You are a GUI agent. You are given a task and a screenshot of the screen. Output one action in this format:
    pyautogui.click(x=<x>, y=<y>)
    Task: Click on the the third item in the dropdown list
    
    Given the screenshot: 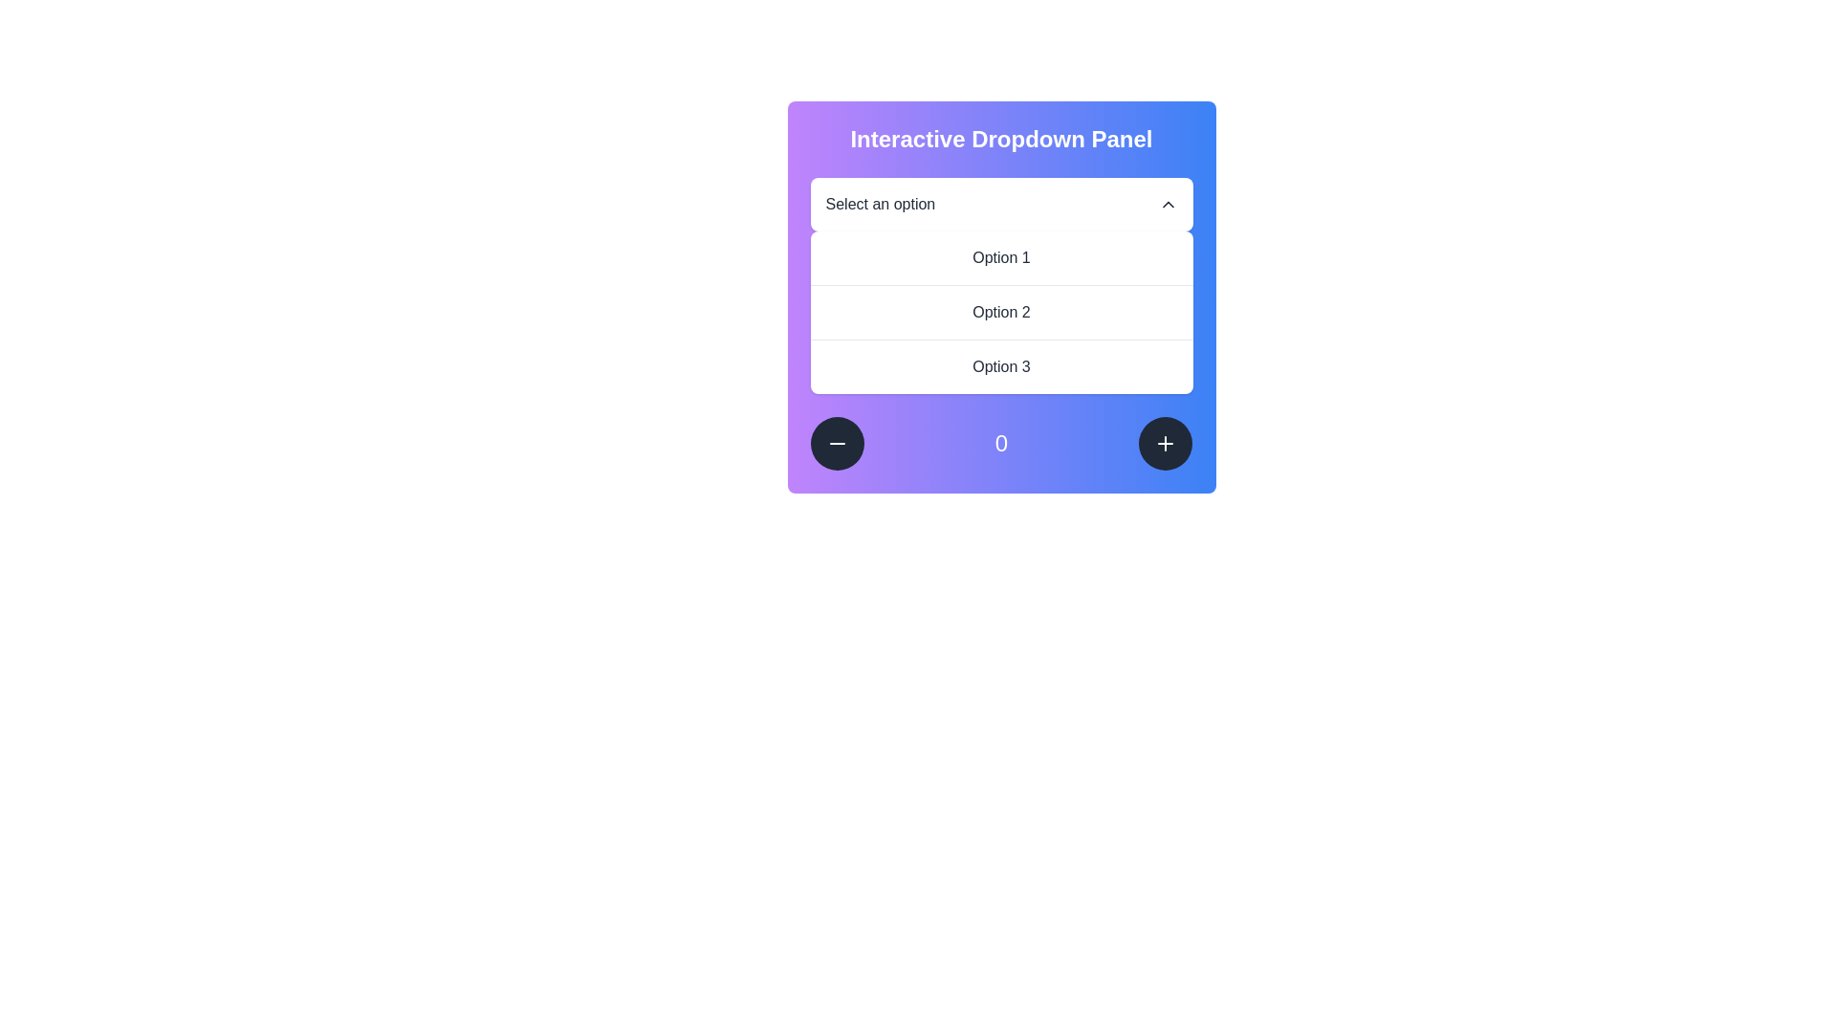 What is the action you would take?
    pyautogui.click(x=1000, y=366)
    